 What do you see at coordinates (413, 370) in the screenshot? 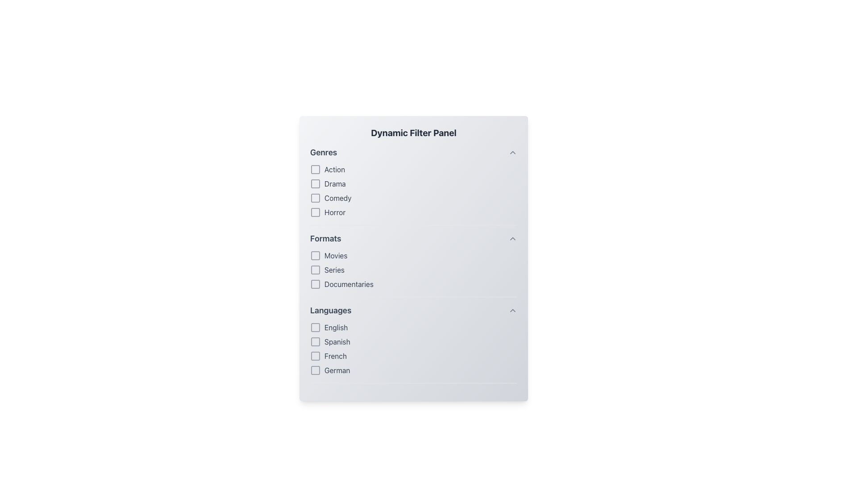
I see `the 'German' checkbox located at the bottom of the 'Languages' section` at bounding box center [413, 370].